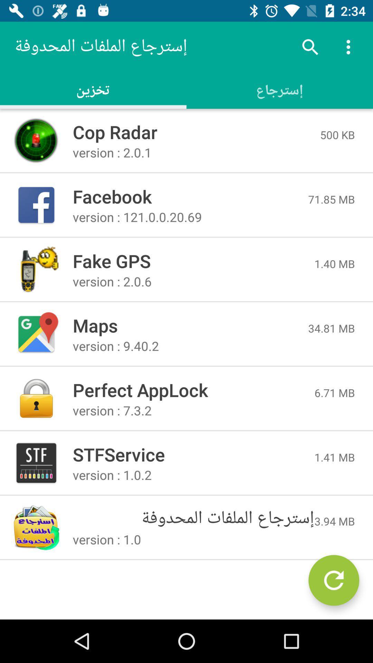 The width and height of the screenshot is (373, 663). What do you see at coordinates (190, 325) in the screenshot?
I see `the item to the left of the 34.81 mb icon` at bounding box center [190, 325].